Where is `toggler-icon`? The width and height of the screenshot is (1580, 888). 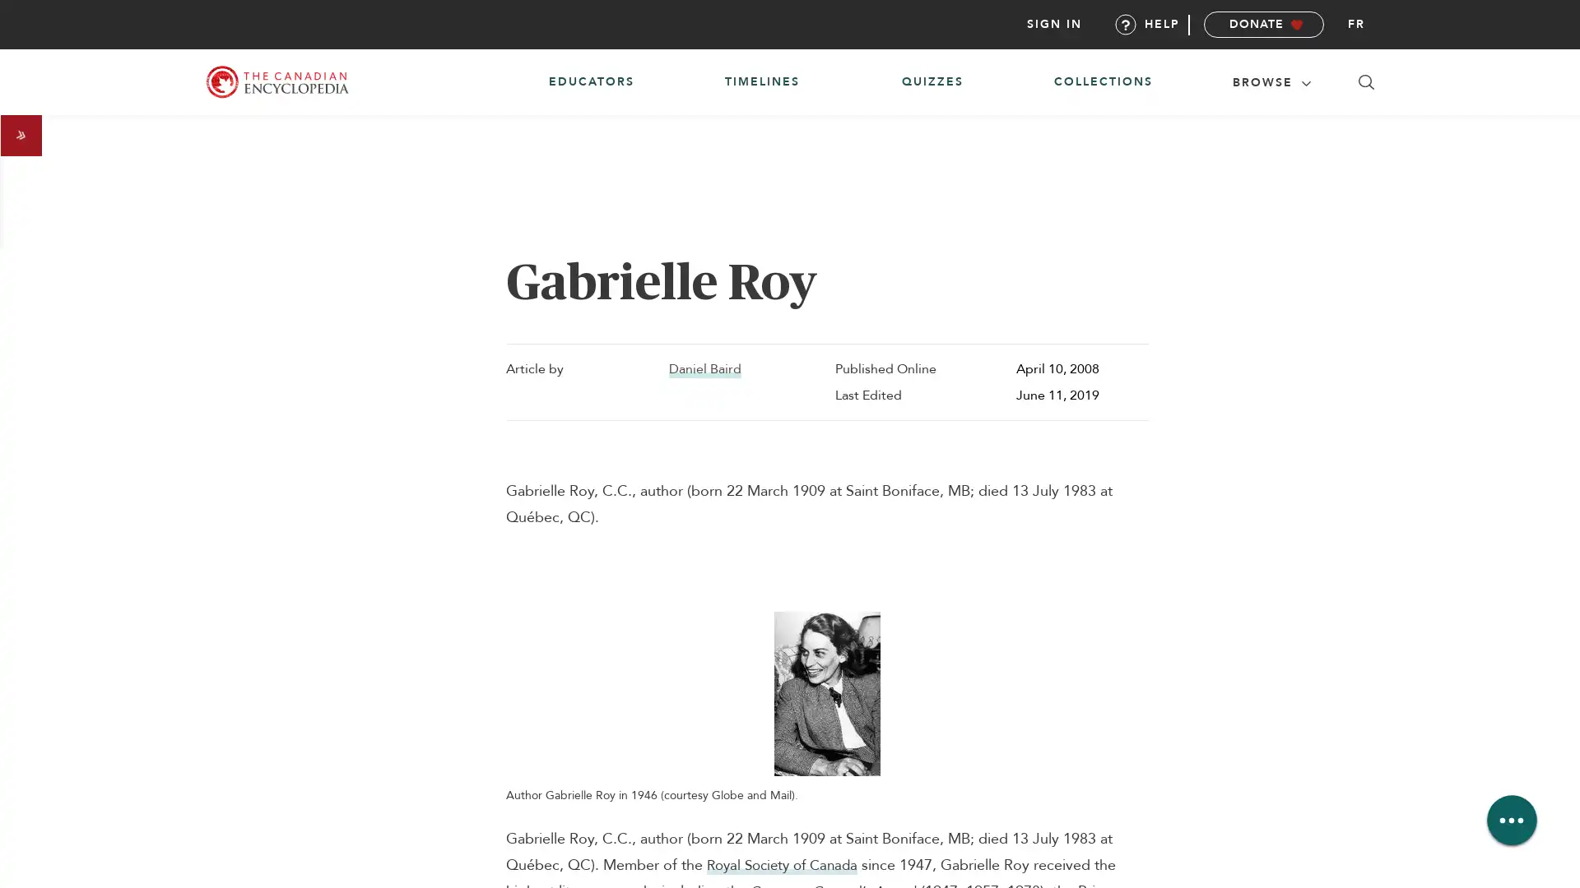
toggler-icon is located at coordinates (1304, 81).